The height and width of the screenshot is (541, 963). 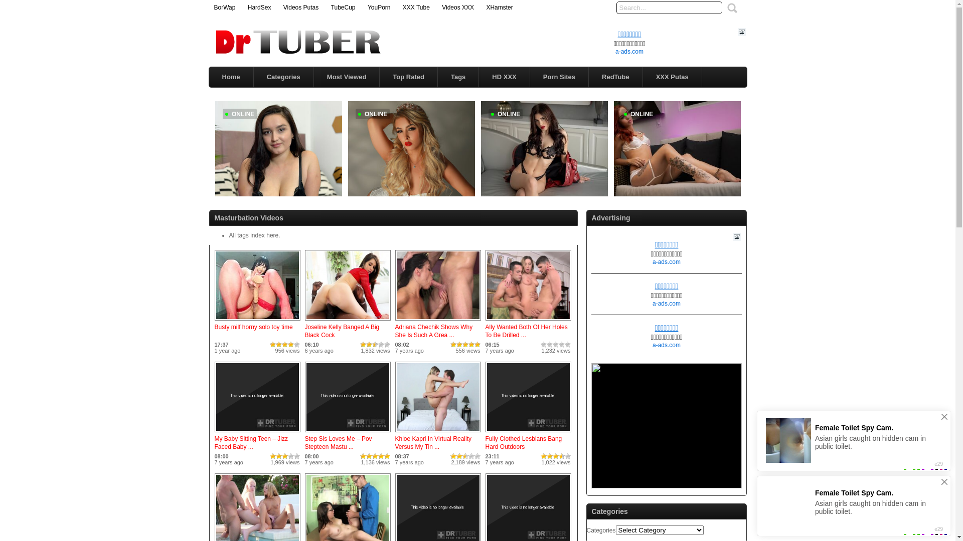 I want to click on '2 Stars', so click(x=279, y=344).